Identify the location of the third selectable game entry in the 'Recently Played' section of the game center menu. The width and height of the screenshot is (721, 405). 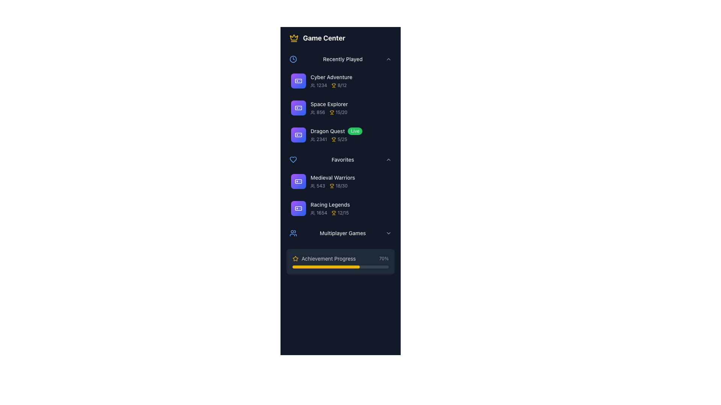
(340, 134).